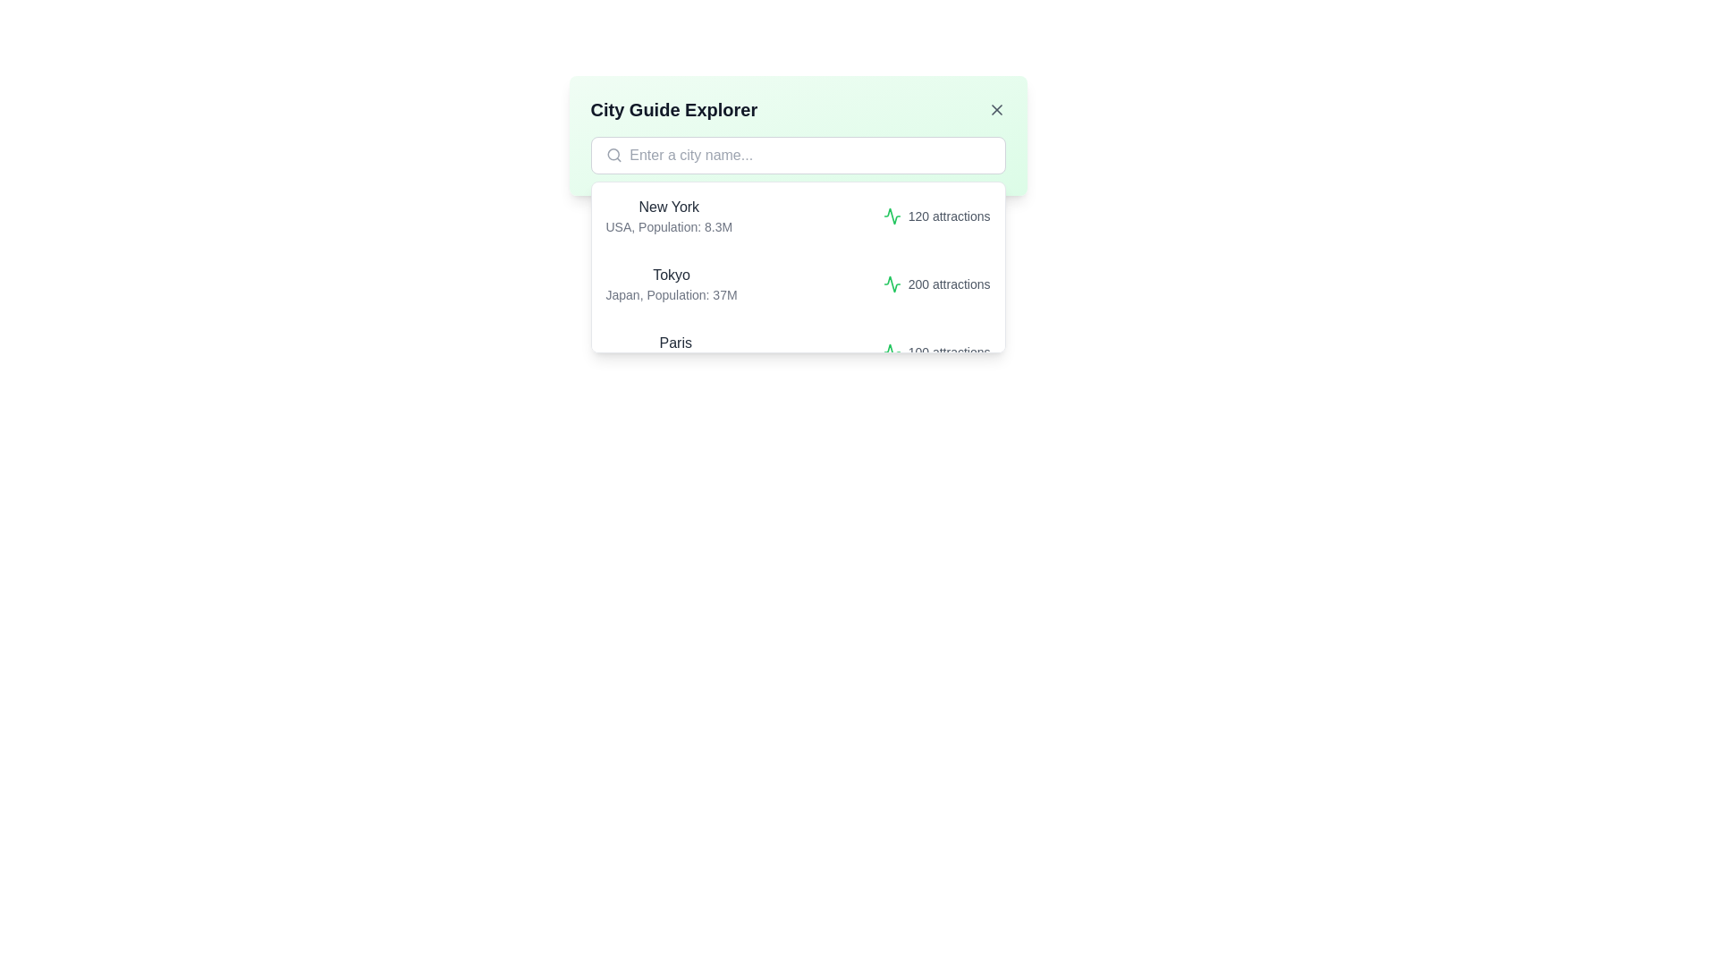  I want to click on the dropdown menu option displaying 'Tokyo', so click(797, 283).